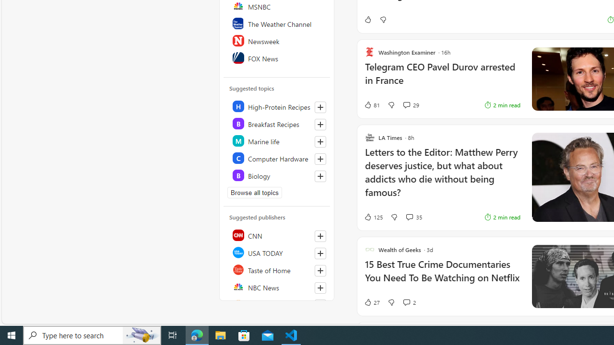 This screenshot has width=614, height=345. Describe the element at coordinates (277, 304) in the screenshot. I see `'Reuters'` at that location.